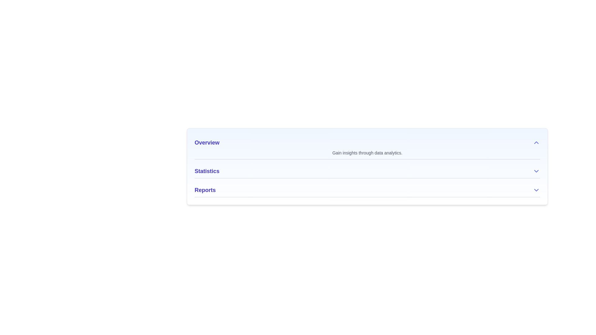 The height and width of the screenshot is (335, 596). Describe the element at coordinates (367, 153) in the screenshot. I see `the text label displaying 'Gain insights through data analytics.' located below the 'Overview' heading` at that location.